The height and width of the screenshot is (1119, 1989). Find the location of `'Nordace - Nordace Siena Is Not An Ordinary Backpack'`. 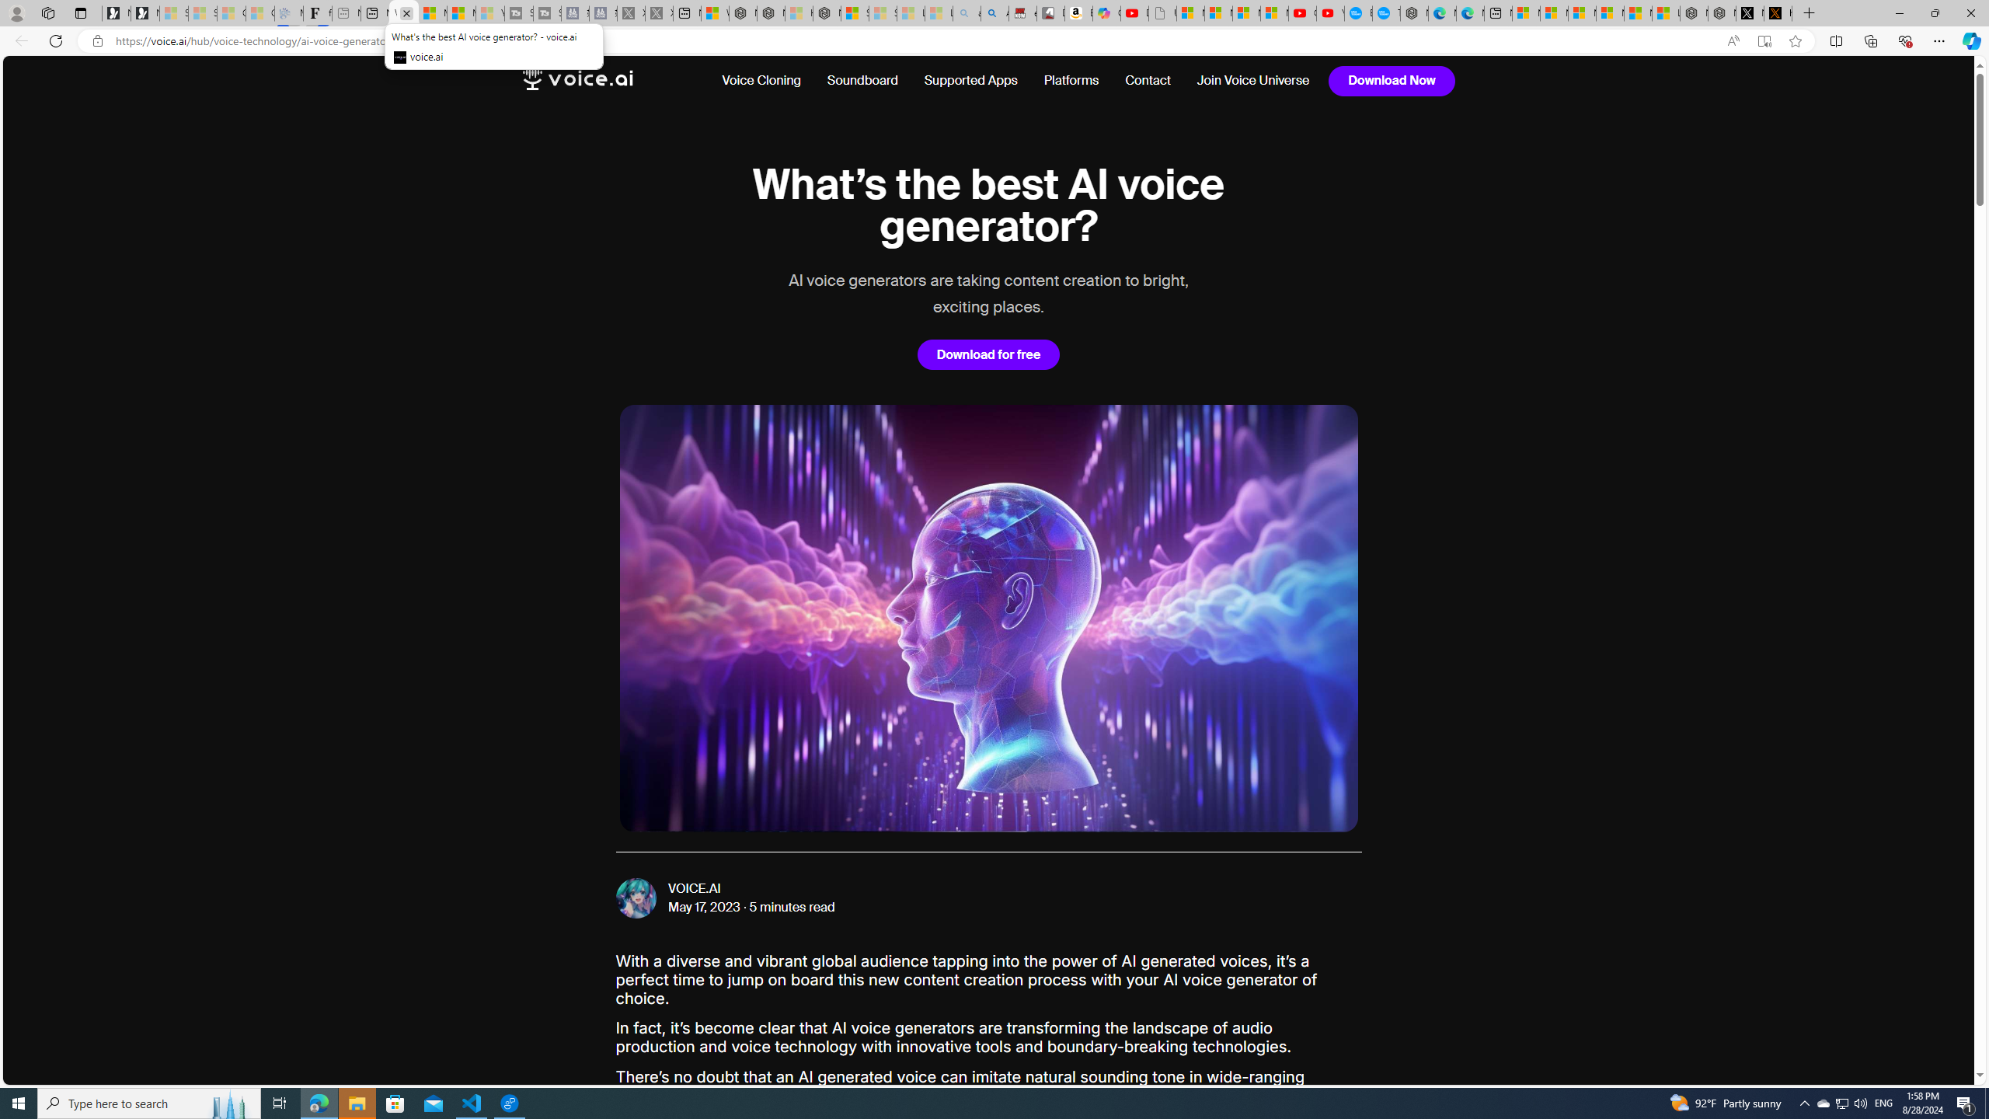

'Nordace - Nordace Siena Is Not An Ordinary Backpack' is located at coordinates (826, 12).